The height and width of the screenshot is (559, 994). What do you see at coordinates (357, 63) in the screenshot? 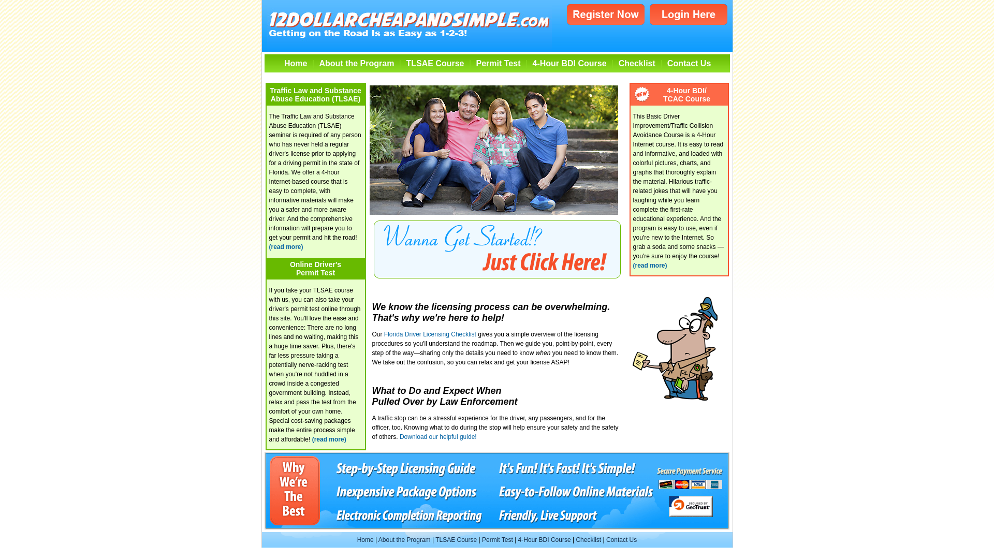
I see `'About the Program'` at bounding box center [357, 63].